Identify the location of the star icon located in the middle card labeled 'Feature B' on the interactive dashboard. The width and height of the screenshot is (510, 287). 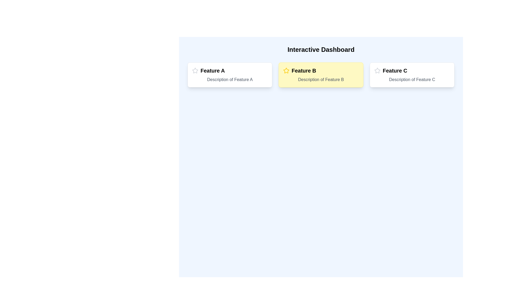
(286, 70).